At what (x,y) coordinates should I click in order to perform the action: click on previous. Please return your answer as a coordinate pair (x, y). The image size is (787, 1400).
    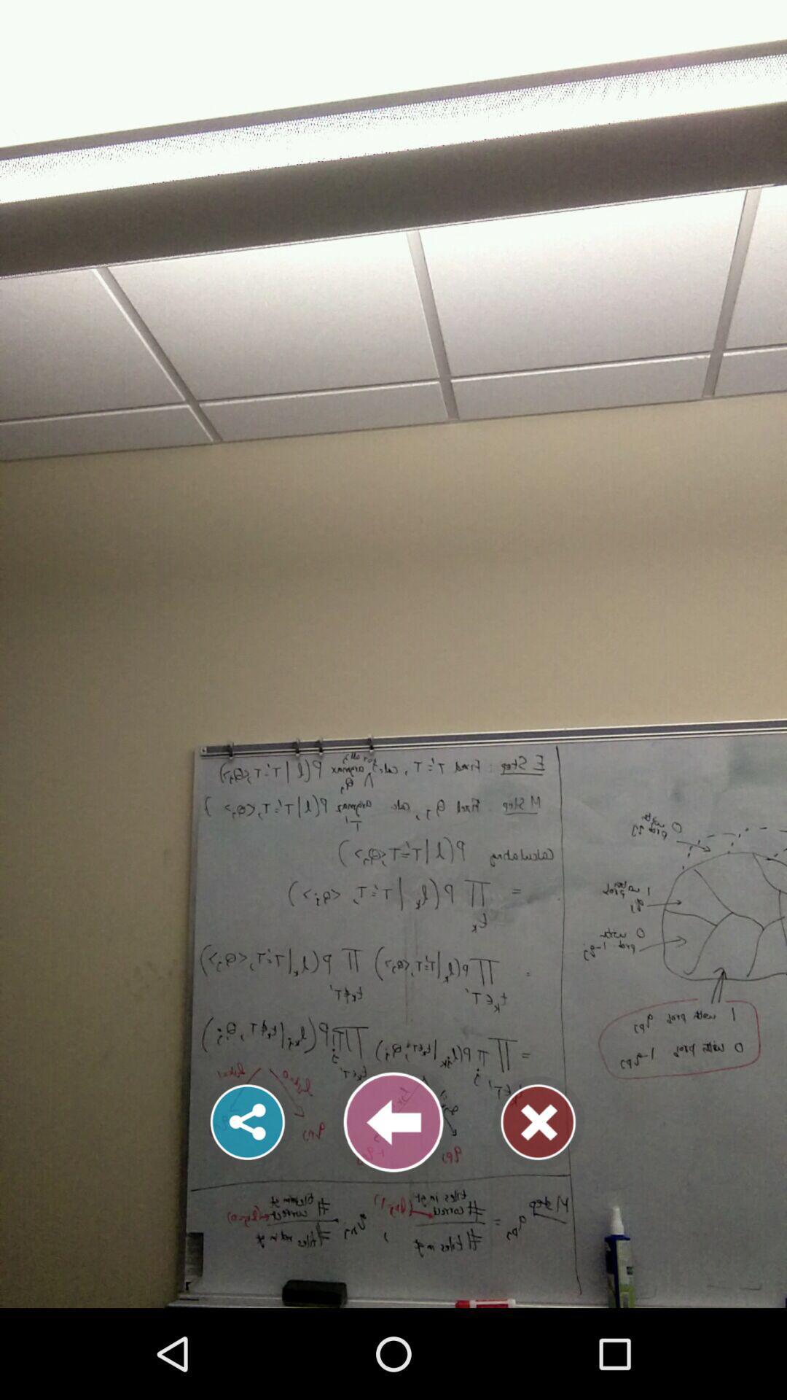
    Looking at the image, I should click on (393, 1121).